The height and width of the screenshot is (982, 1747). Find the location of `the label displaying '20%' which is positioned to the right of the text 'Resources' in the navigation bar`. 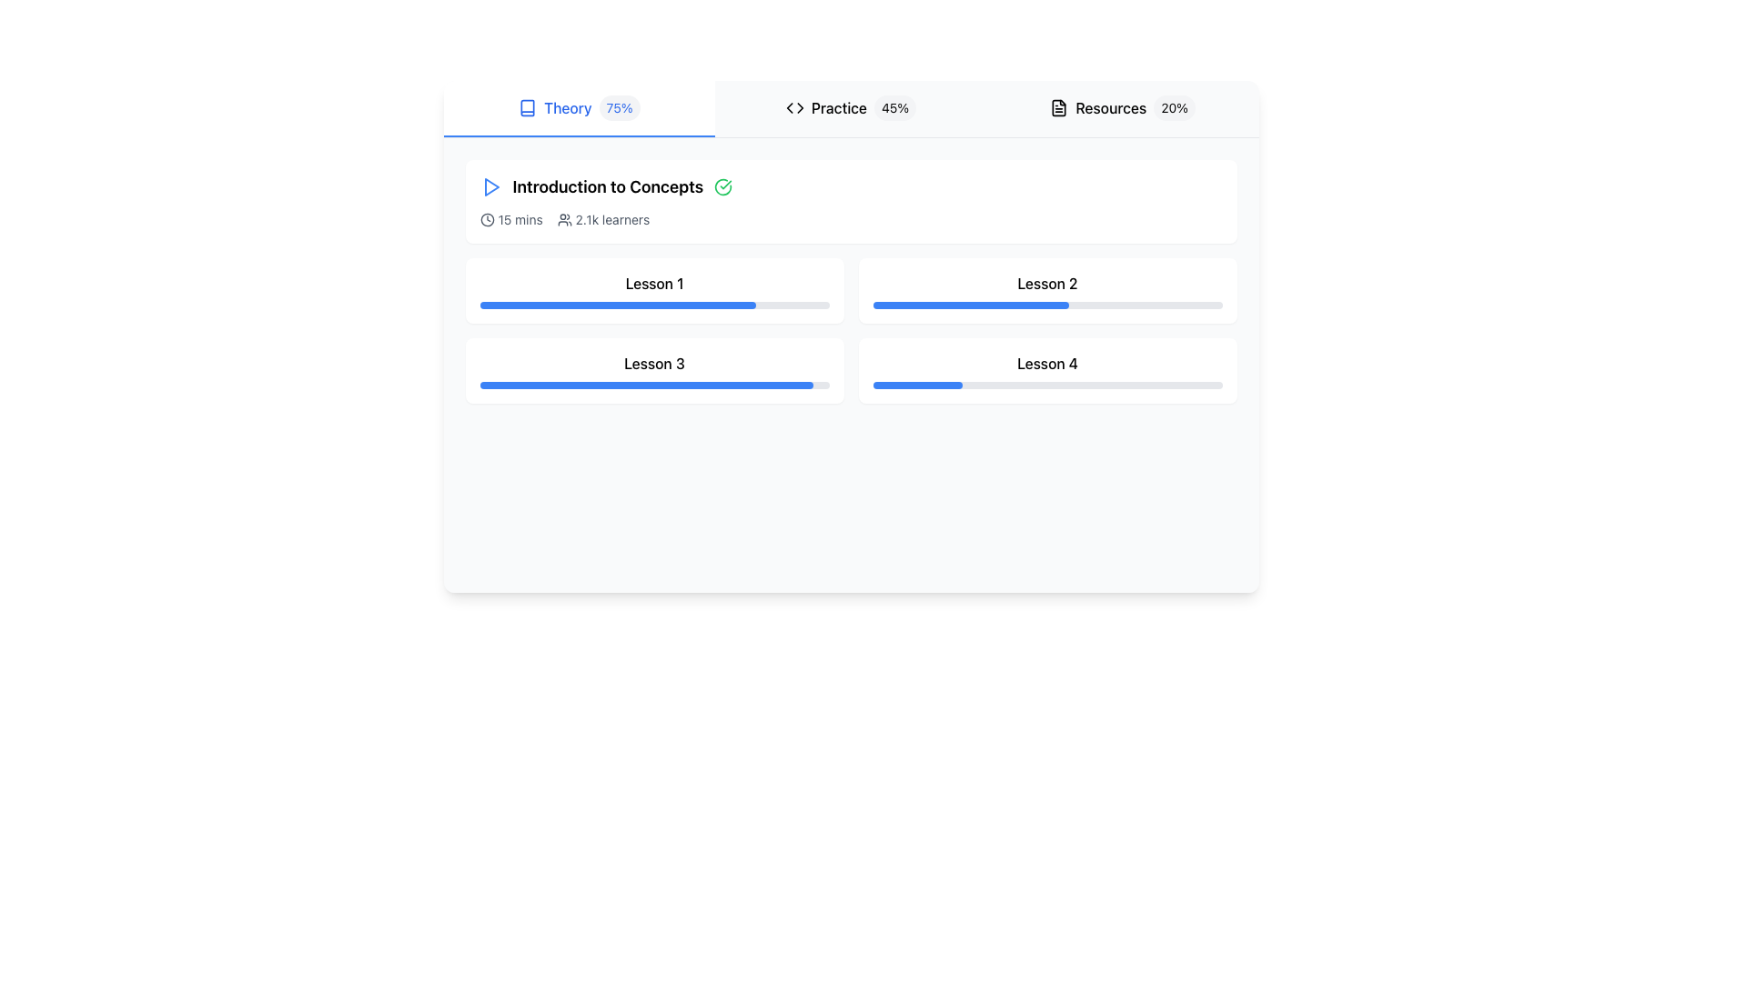

the label displaying '20%' which is positioned to the right of the text 'Resources' in the navigation bar is located at coordinates (1175, 108).